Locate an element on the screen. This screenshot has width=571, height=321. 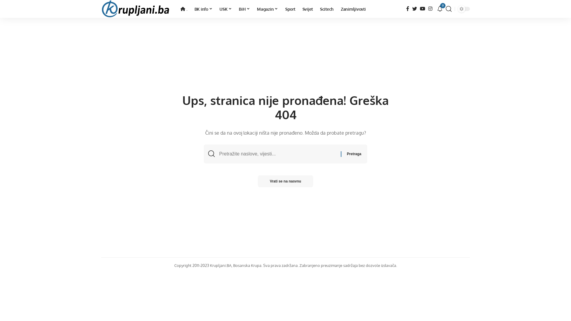
'.' is located at coordinates (183, 9).